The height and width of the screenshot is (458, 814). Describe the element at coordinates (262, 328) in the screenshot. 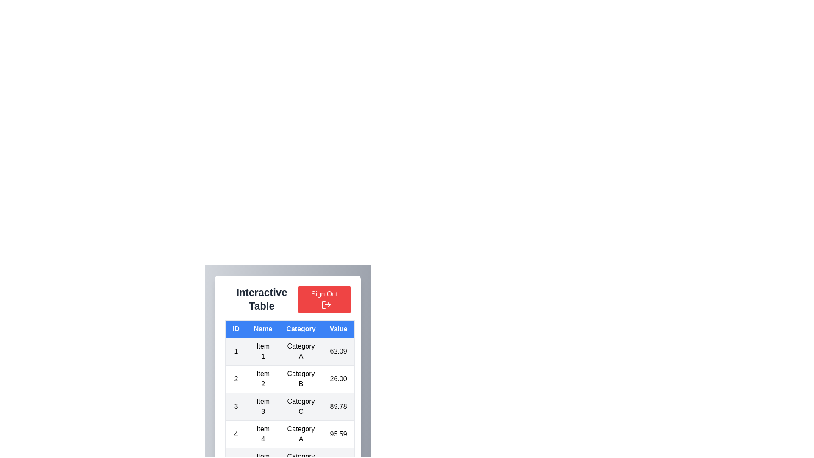

I see `the Name to sort the table by that column` at that location.